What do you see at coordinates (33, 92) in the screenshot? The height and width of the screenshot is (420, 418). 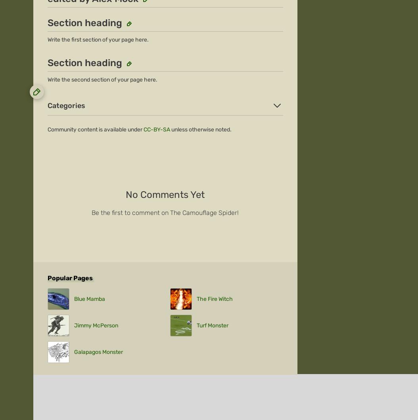 I see `'About'` at bounding box center [33, 92].